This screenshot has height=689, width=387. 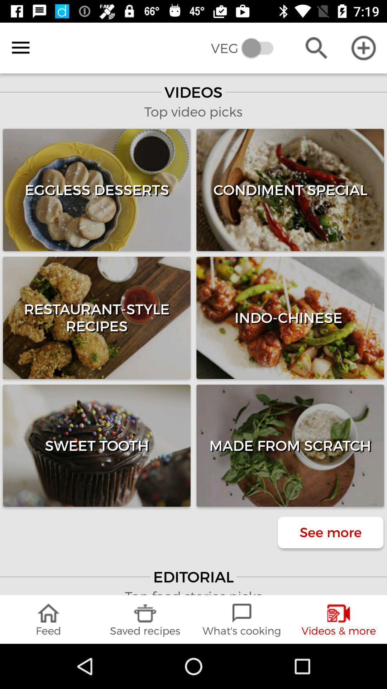 I want to click on item to the right of the saved recipes item, so click(x=242, y=619).